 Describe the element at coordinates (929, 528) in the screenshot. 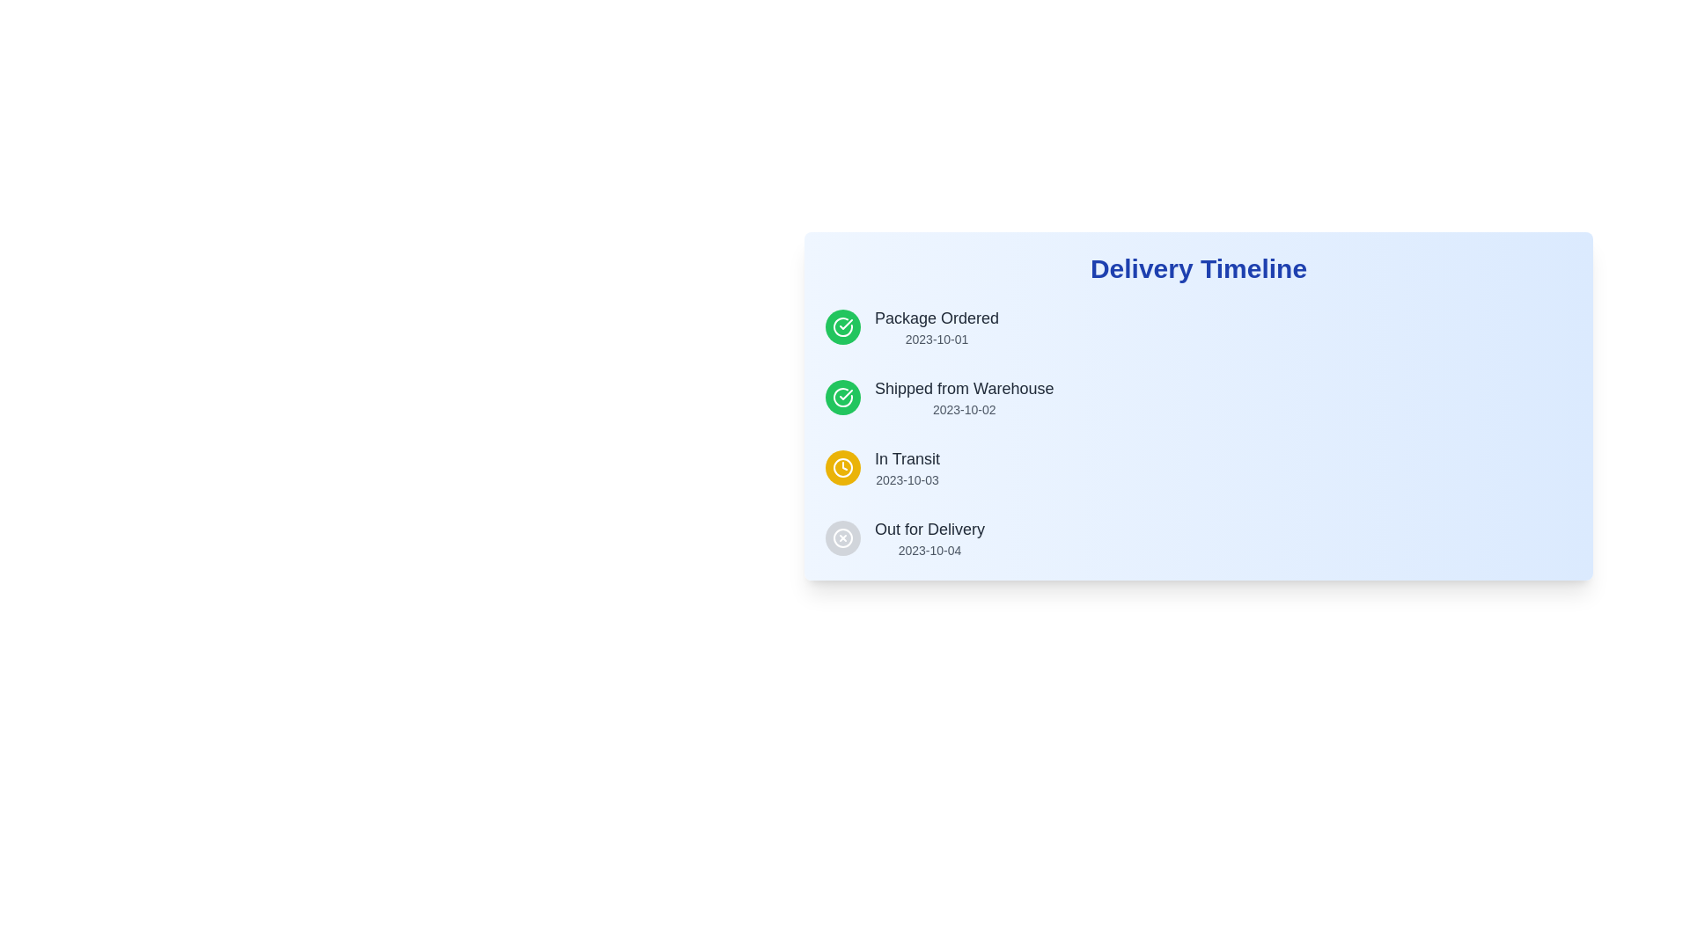

I see `the delivery status label indicating 'Out for Delivery', which is the fourth entry in the vertical delivery timeline, positioned below 'In Transit' and above the date '2023-10-04'` at that location.